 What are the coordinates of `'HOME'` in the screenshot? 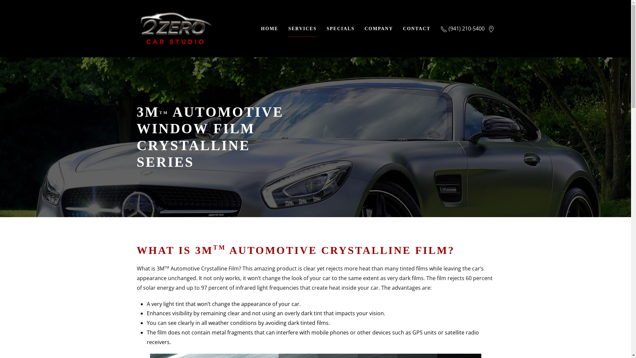 It's located at (270, 28).